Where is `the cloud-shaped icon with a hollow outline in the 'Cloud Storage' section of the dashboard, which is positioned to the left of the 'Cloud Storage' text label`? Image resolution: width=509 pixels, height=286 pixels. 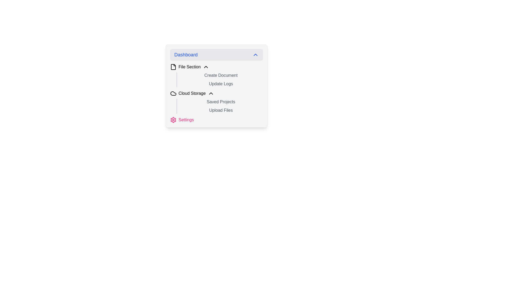 the cloud-shaped icon with a hollow outline in the 'Cloud Storage' section of the dashboard, which is positioned to the left of the 'Cloud Storage' text label is located at coordinates (173, 93).